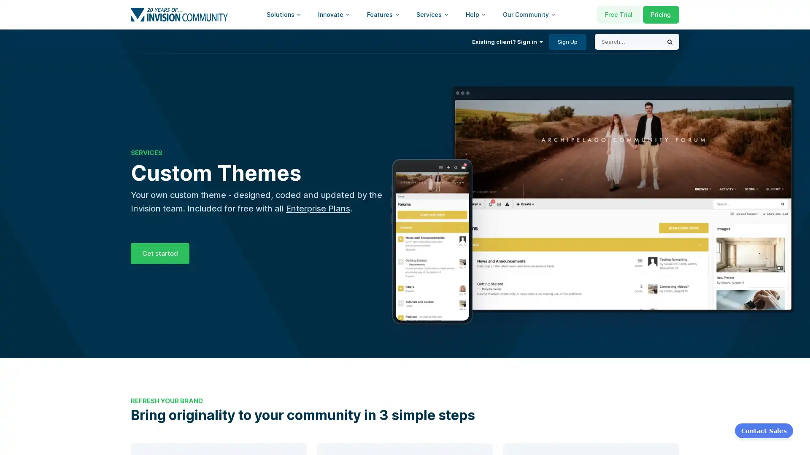 The image size is (810, 455). What do you see at coordinates (476, 14) in the screenshot?
I see `Help` at bounding box center [476, 14].